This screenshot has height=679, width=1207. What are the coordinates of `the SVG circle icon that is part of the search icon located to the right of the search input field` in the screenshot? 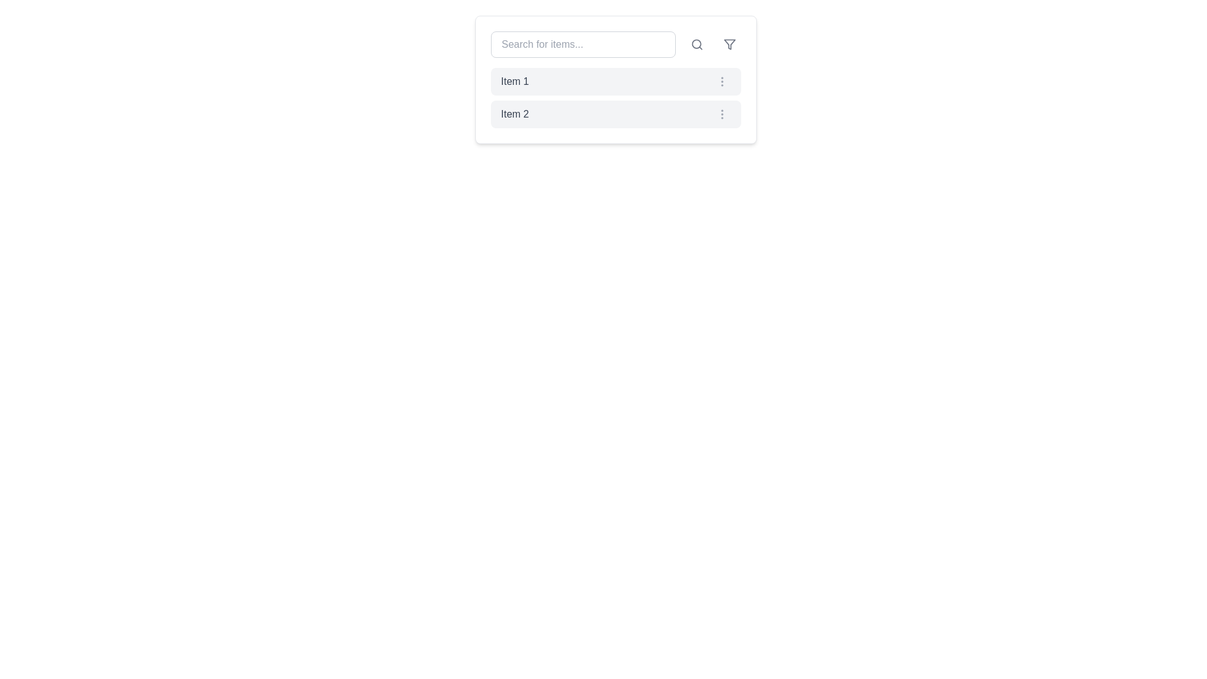 It's located at (696, 43).